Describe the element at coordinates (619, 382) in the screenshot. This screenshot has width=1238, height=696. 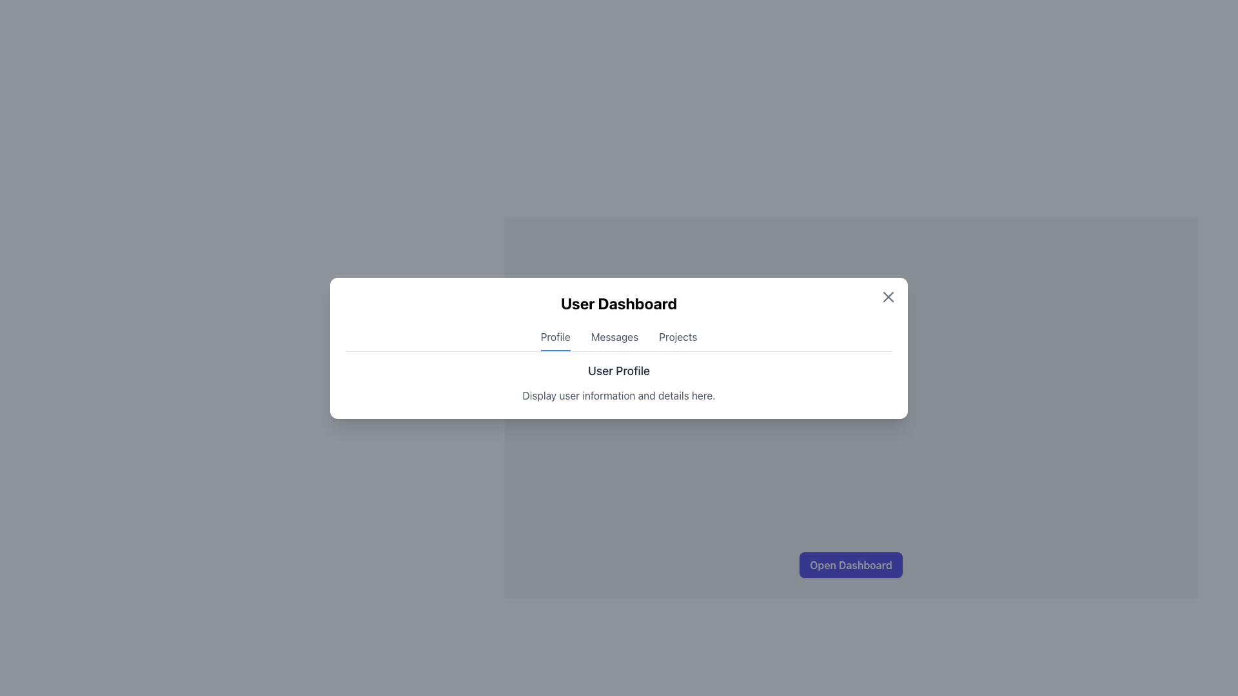
I see `the Informational Section in the User Dashboard modal, which displays user-specific information with a section header and brief description` at that location.